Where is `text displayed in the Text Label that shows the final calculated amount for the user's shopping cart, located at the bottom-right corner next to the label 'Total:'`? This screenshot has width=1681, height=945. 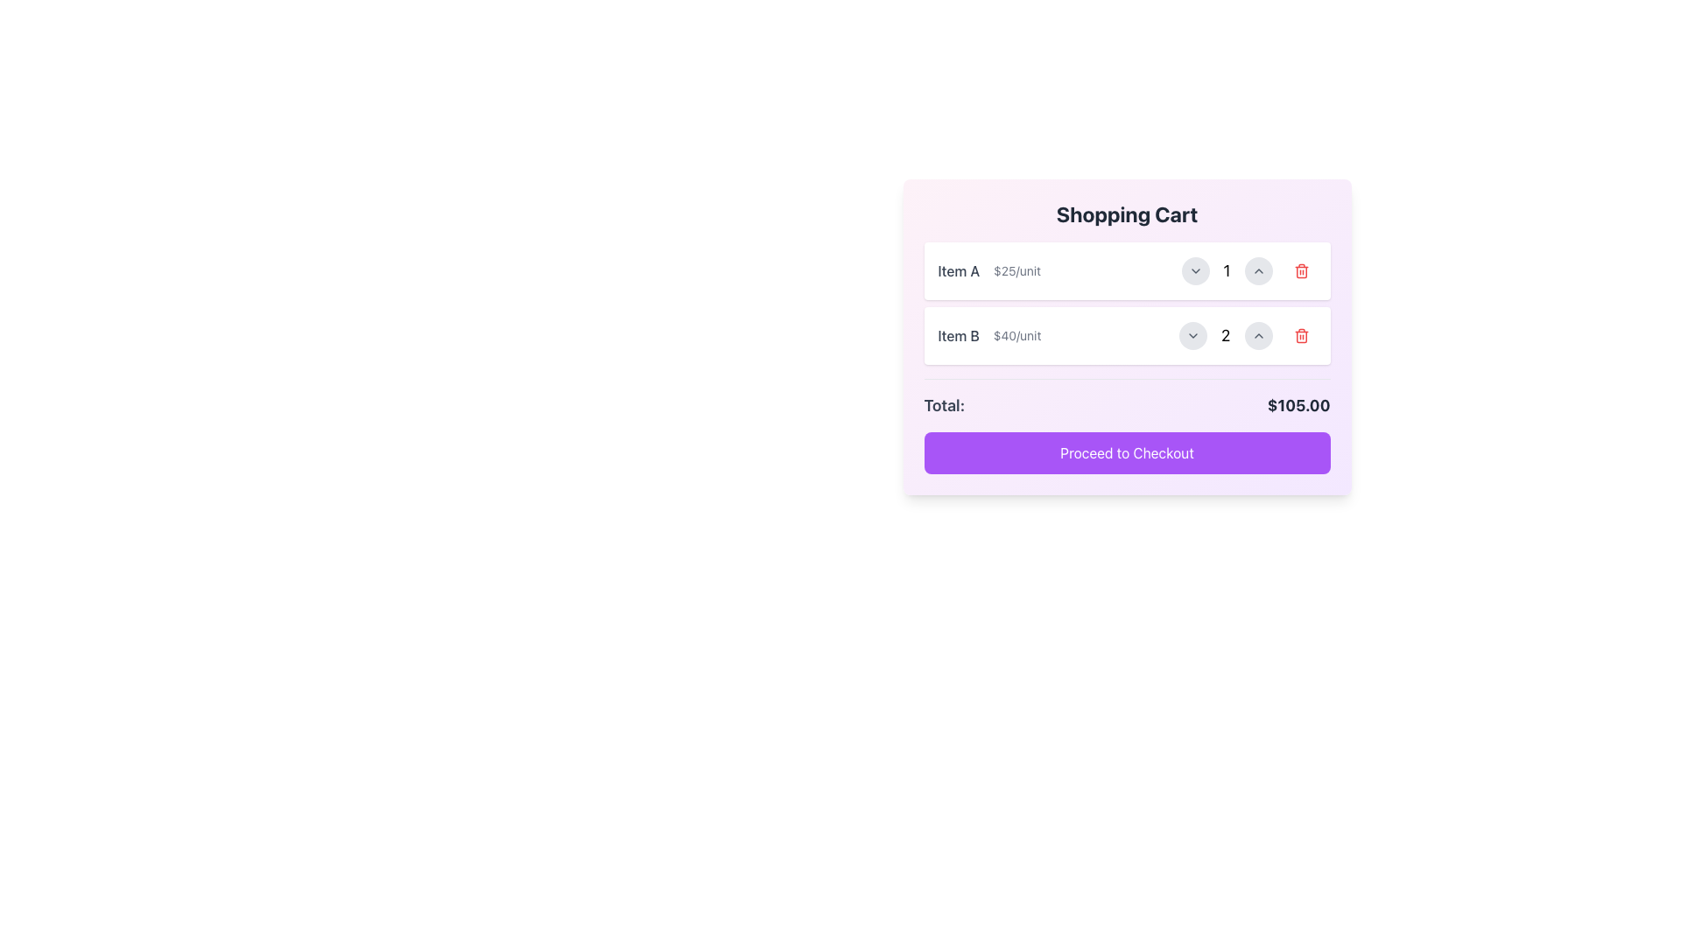 text displayed in the Text Label that shows the final calculated amount for the user's shopping cart, located at the bottom-right corner next to the label 'Total:' is located at coordinates (1298, 405).